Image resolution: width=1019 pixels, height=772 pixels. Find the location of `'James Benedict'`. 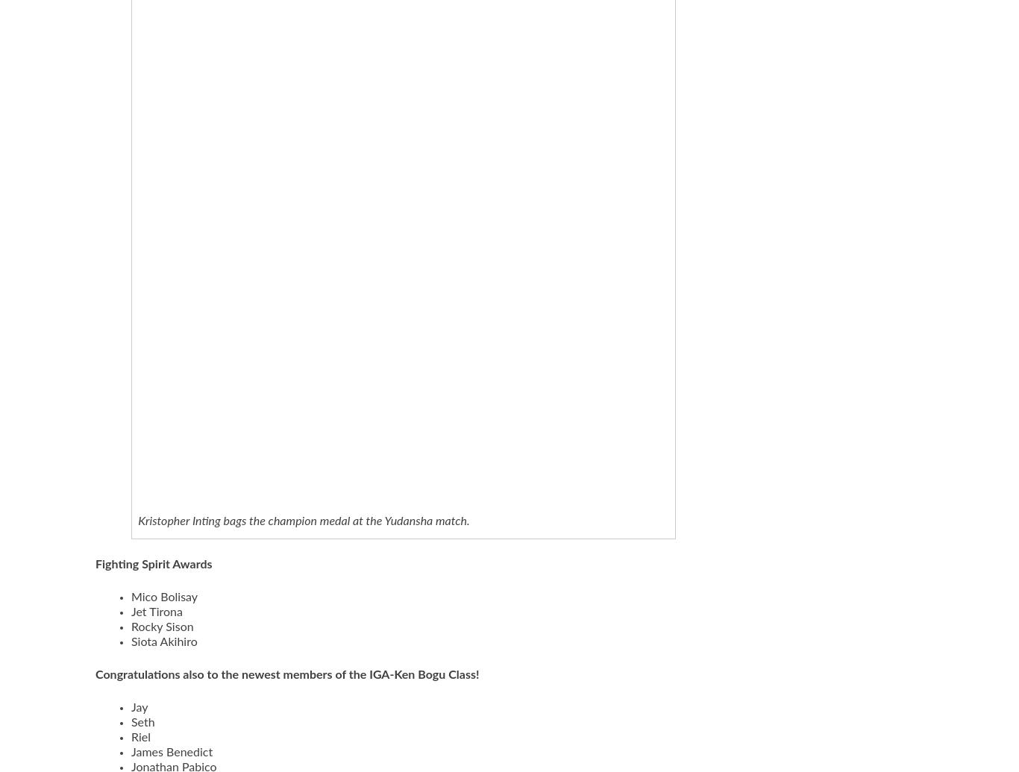

'James Benedict' is located at coordinates (130, 752).